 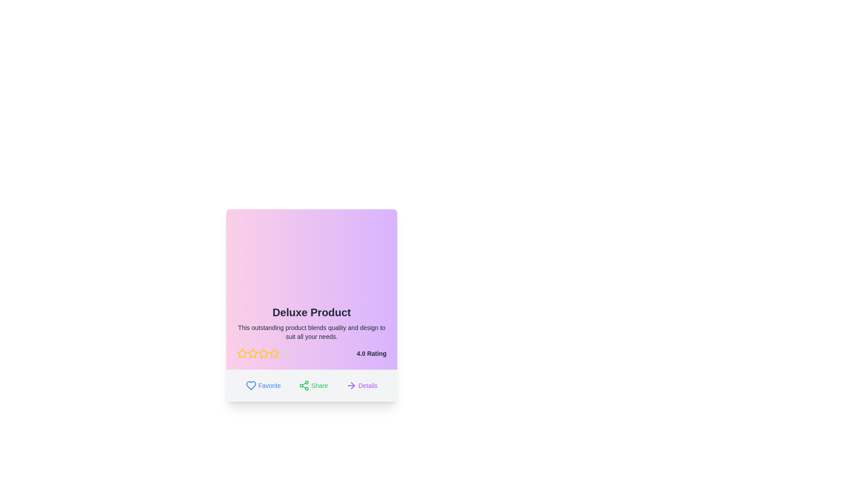 What do you see at coordinates (273, 353) in the screenshot?
I see `the sixth star icon, which is a yellow filled star used for ratings, located below the 'Deluxe Product' title and description, aligned with the '4.0 Rating' indicator` at bounding box center [273, 353].